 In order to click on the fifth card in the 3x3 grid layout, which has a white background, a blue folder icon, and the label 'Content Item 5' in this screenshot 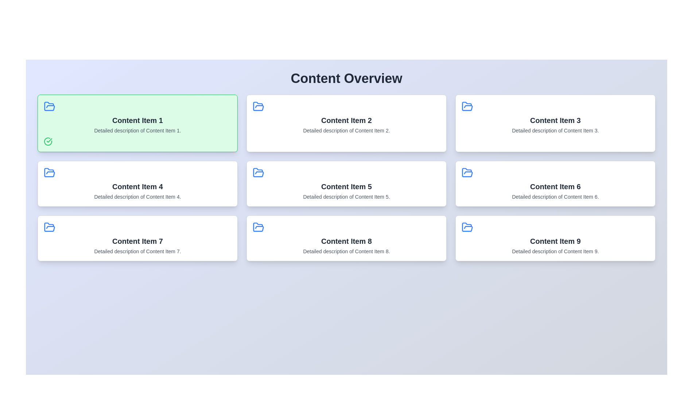, I will do `click(346, 183)`.